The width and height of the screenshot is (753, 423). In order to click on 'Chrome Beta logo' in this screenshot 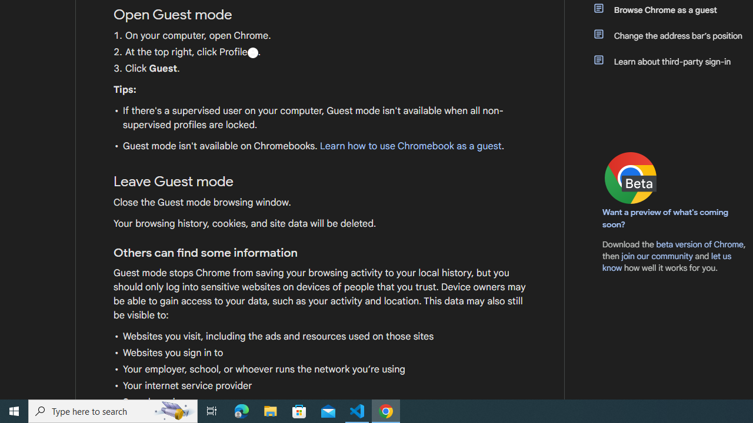, I will do `click(630, 178)`.